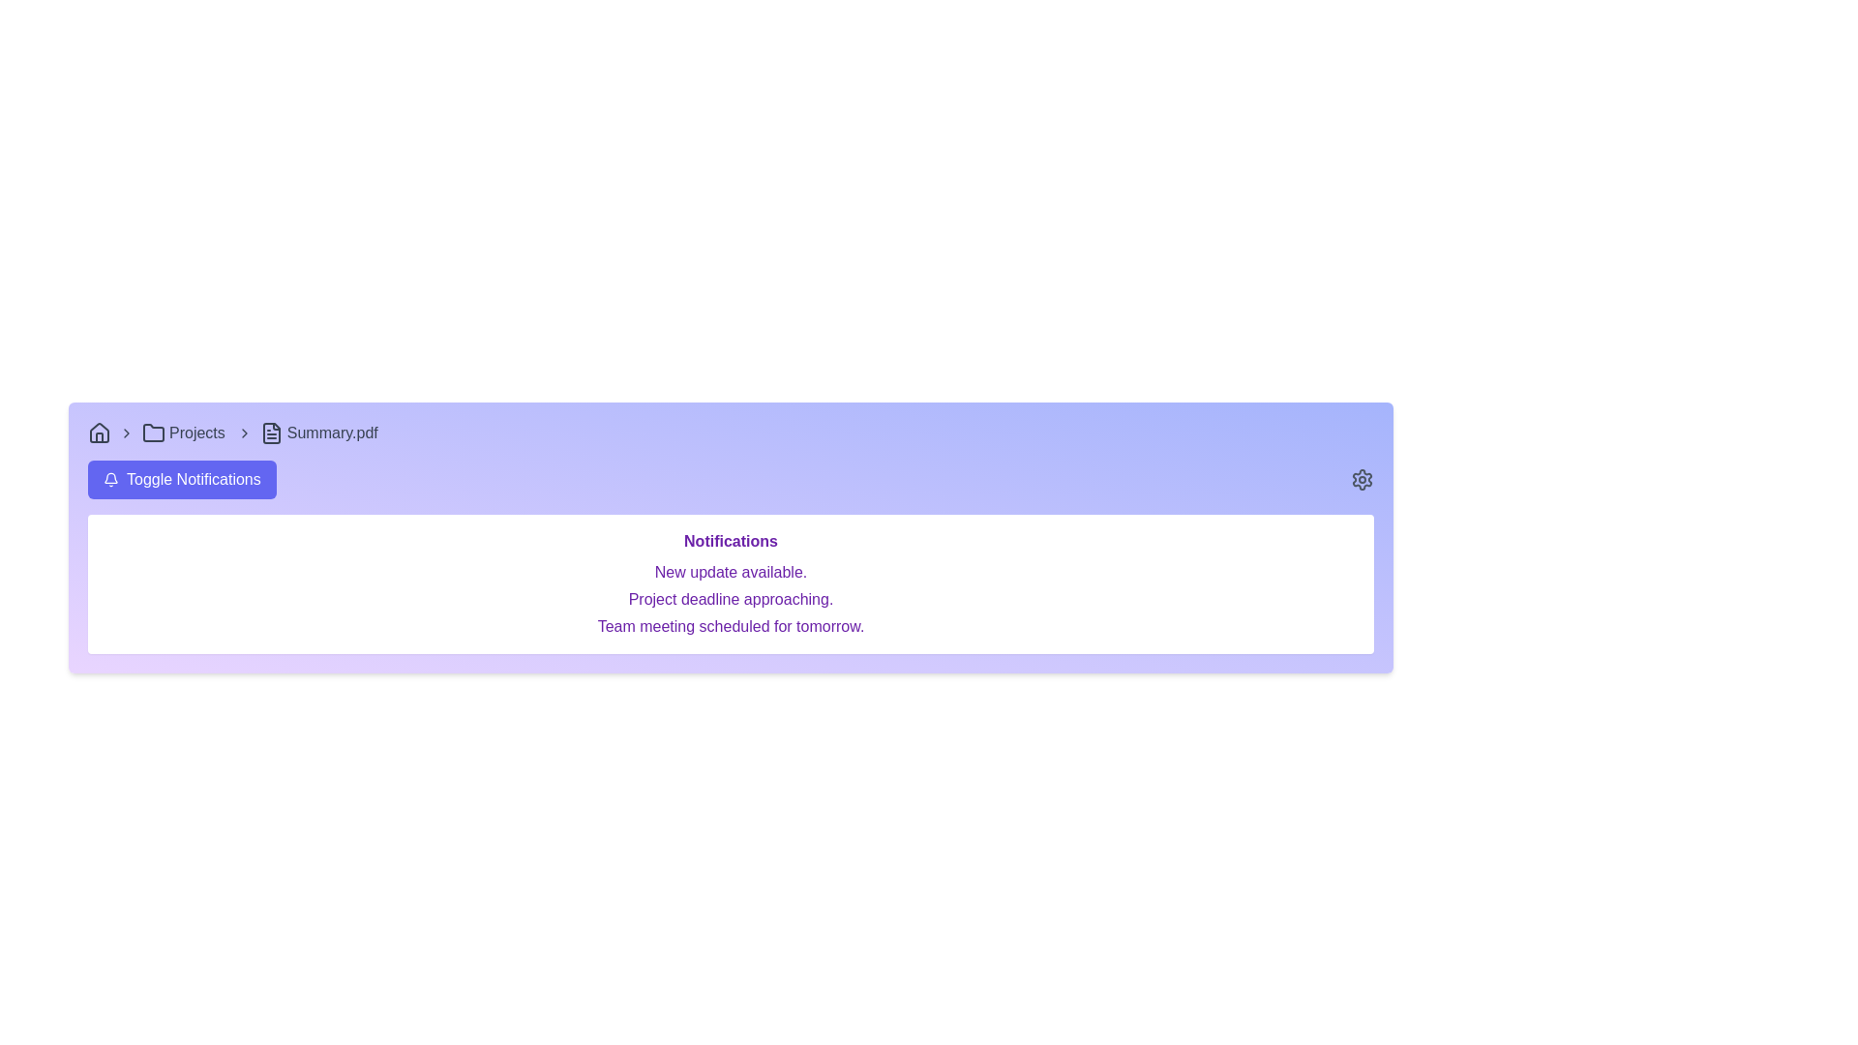  I want to click on the text label displaying the filename 'Summary.pdf' located in the breadcrumb navigation bar, positioned above the 'Toggle Notifications' button and to the right of the 'Projects' breadcrumb, so click(332, 432).